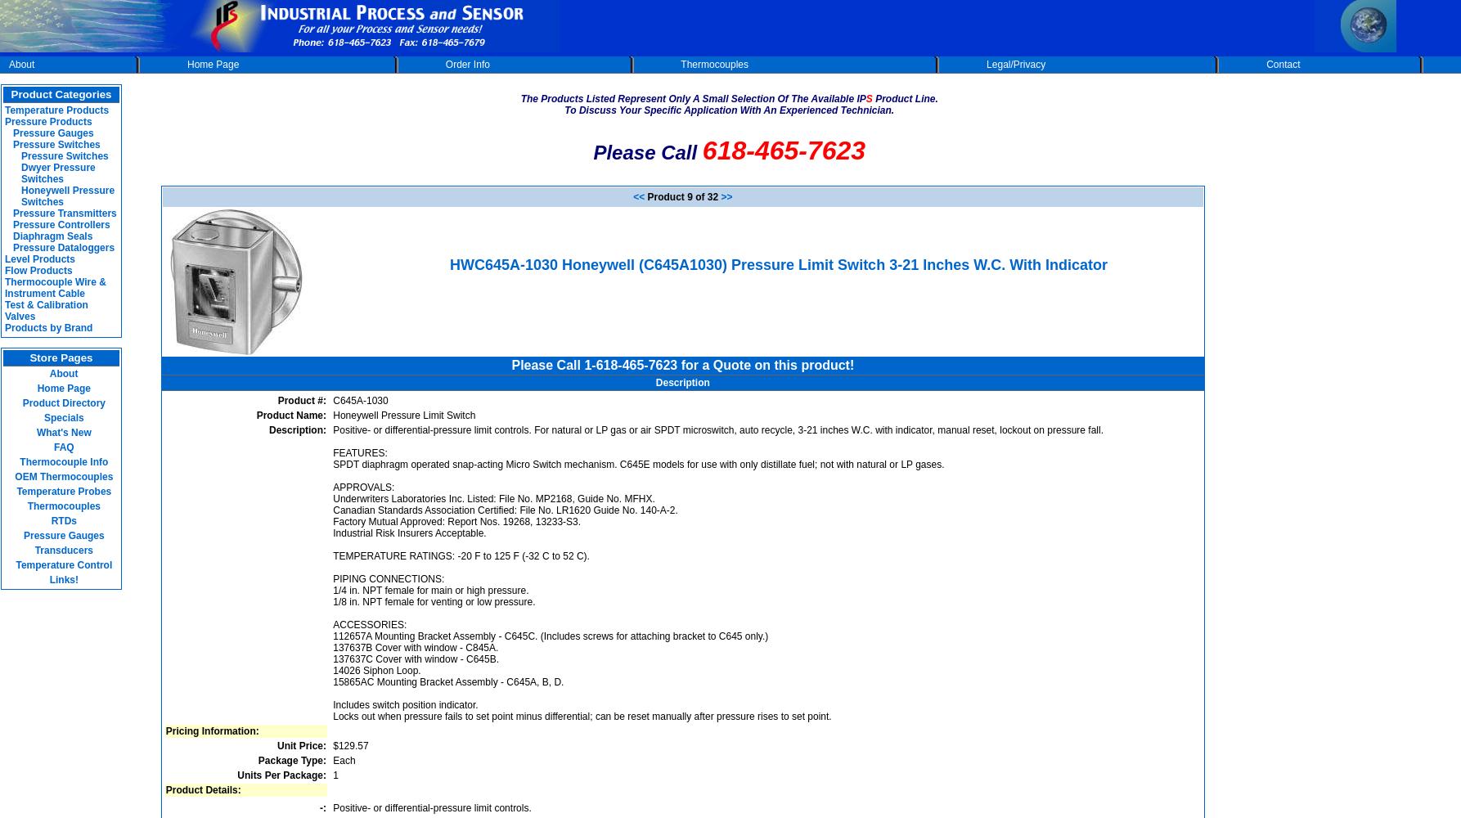 Image resolution: width=1461 pixels, height=818 pixels. Describe the element at coordinates (360, 452) in the screenshot. I see `'FEATURES:'` at that location.